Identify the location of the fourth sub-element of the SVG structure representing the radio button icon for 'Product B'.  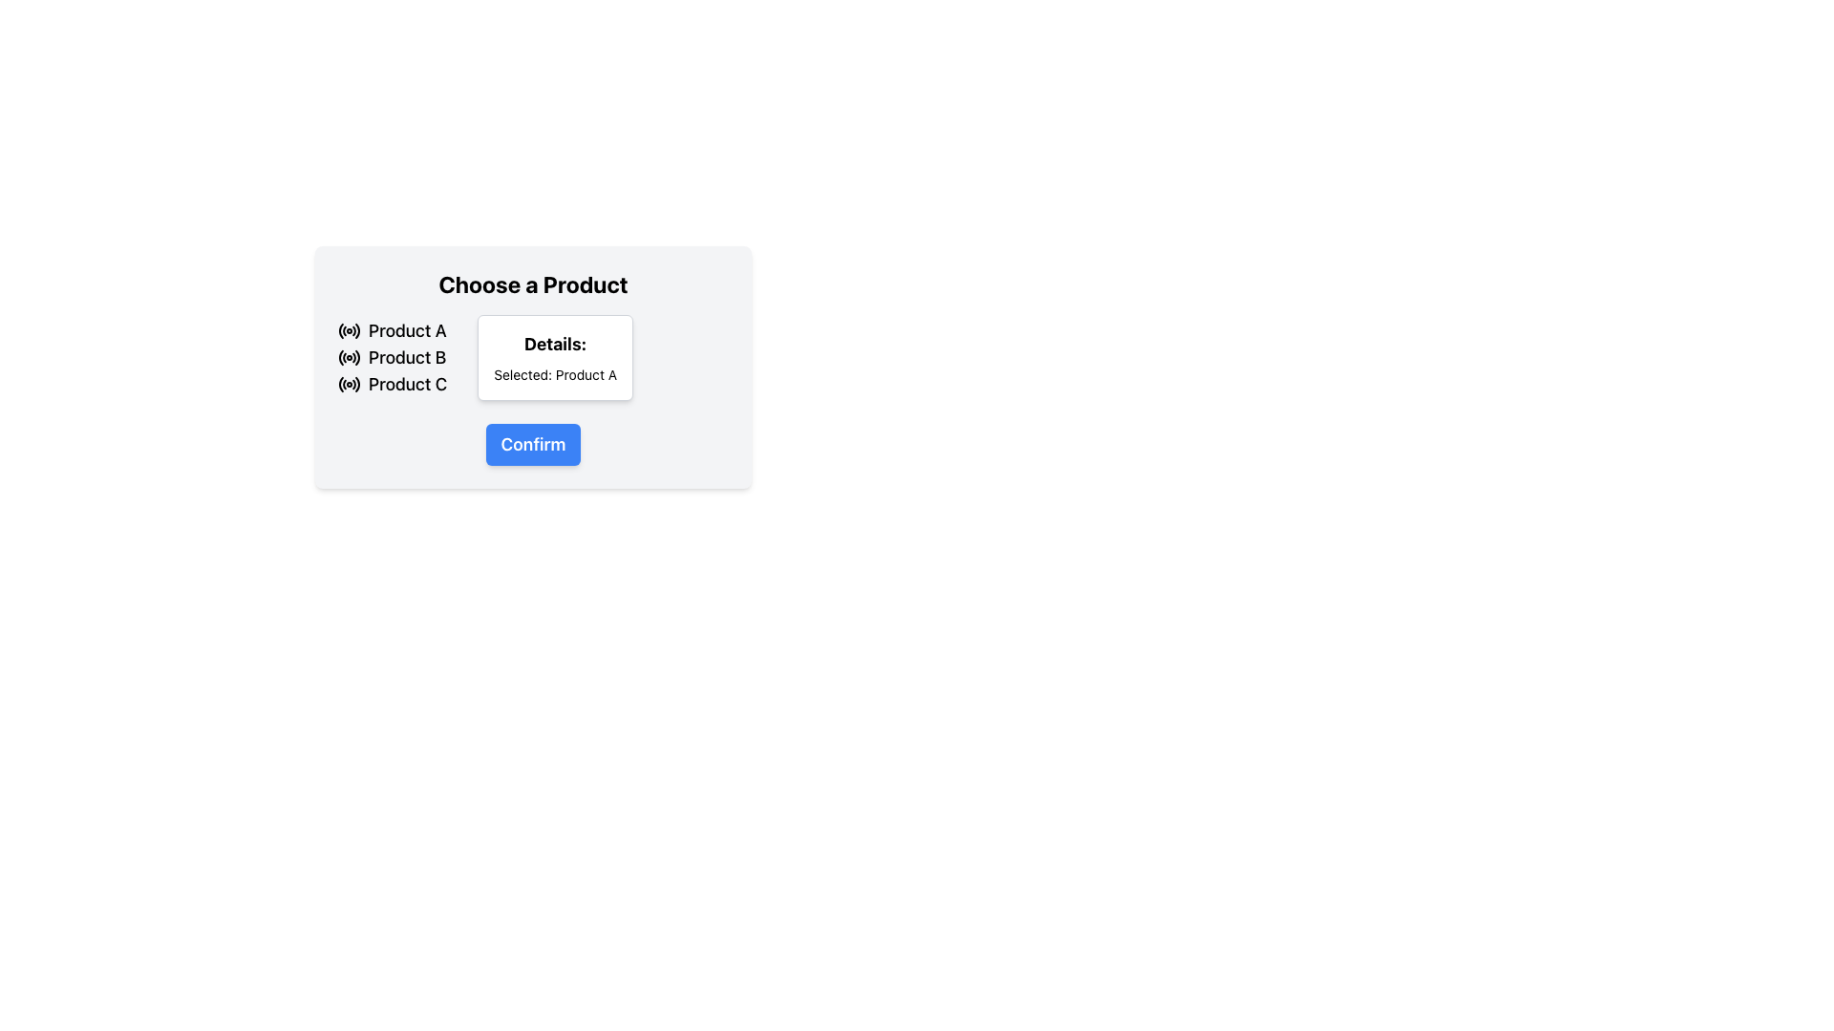
(354, 358).